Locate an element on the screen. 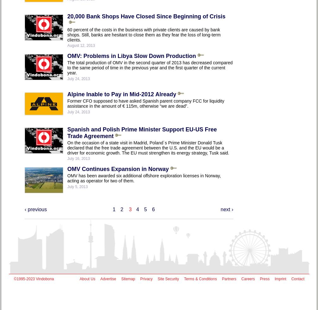  'Press' is located at coordinates (264, 279).